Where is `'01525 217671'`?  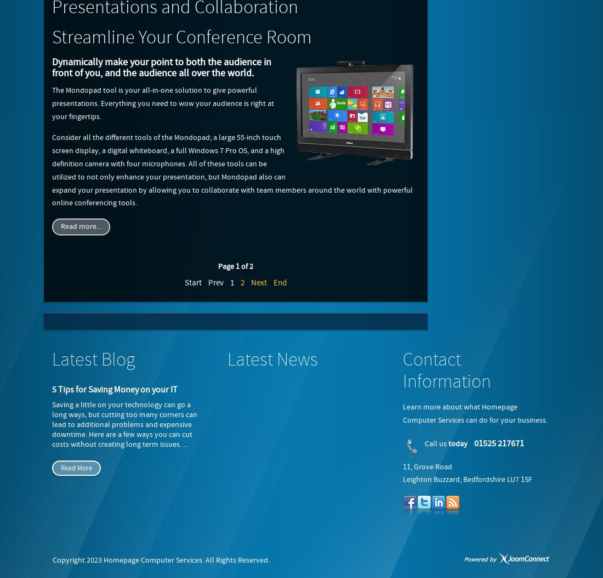
'01525 217671' is located at coordinates (499, 443).